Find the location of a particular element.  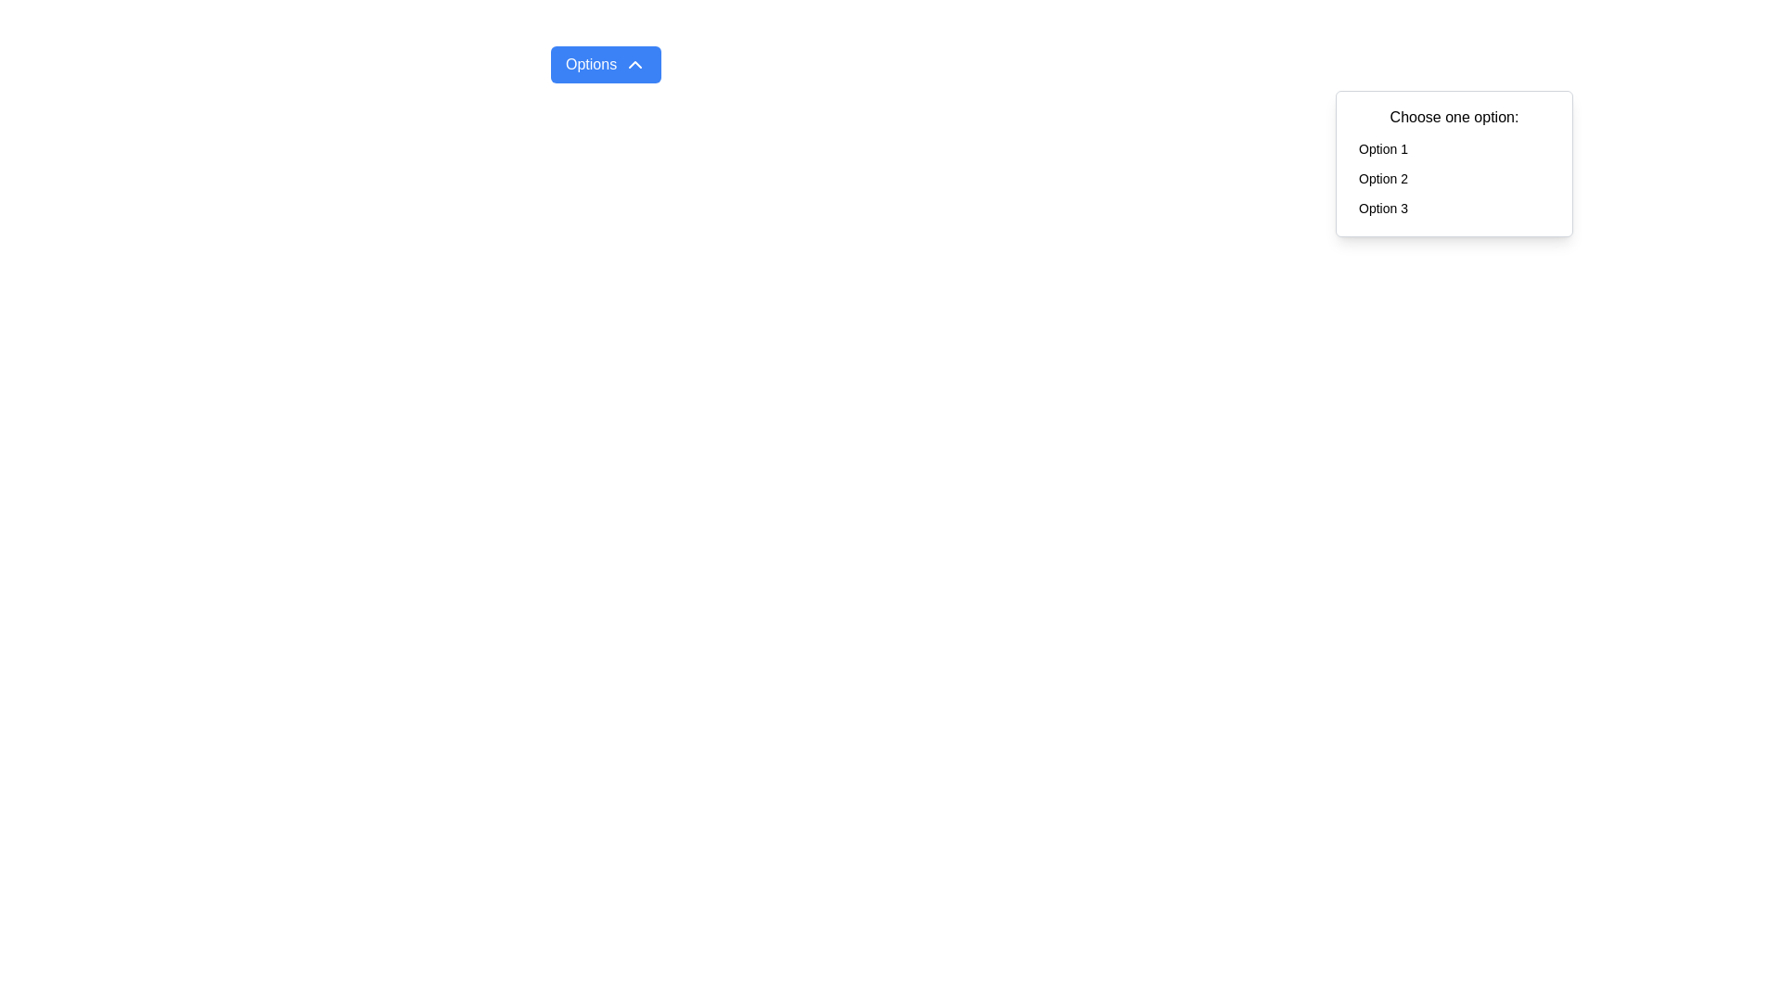

the upward-pointing chevron icon located on the right side of the 'Options' button is located at coordinates (635, 63).